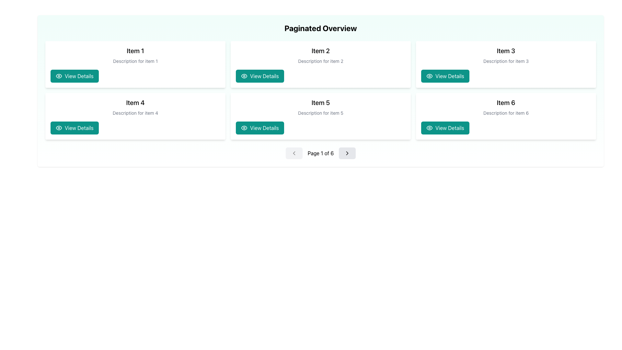 The width and height of the screenshot is (622, 350). I want to click on the curved outer shape of the eye icon within the 'View Details' button associated with the fifth item in the grid layout, positioned in the second row and second column, so click(244, 128).